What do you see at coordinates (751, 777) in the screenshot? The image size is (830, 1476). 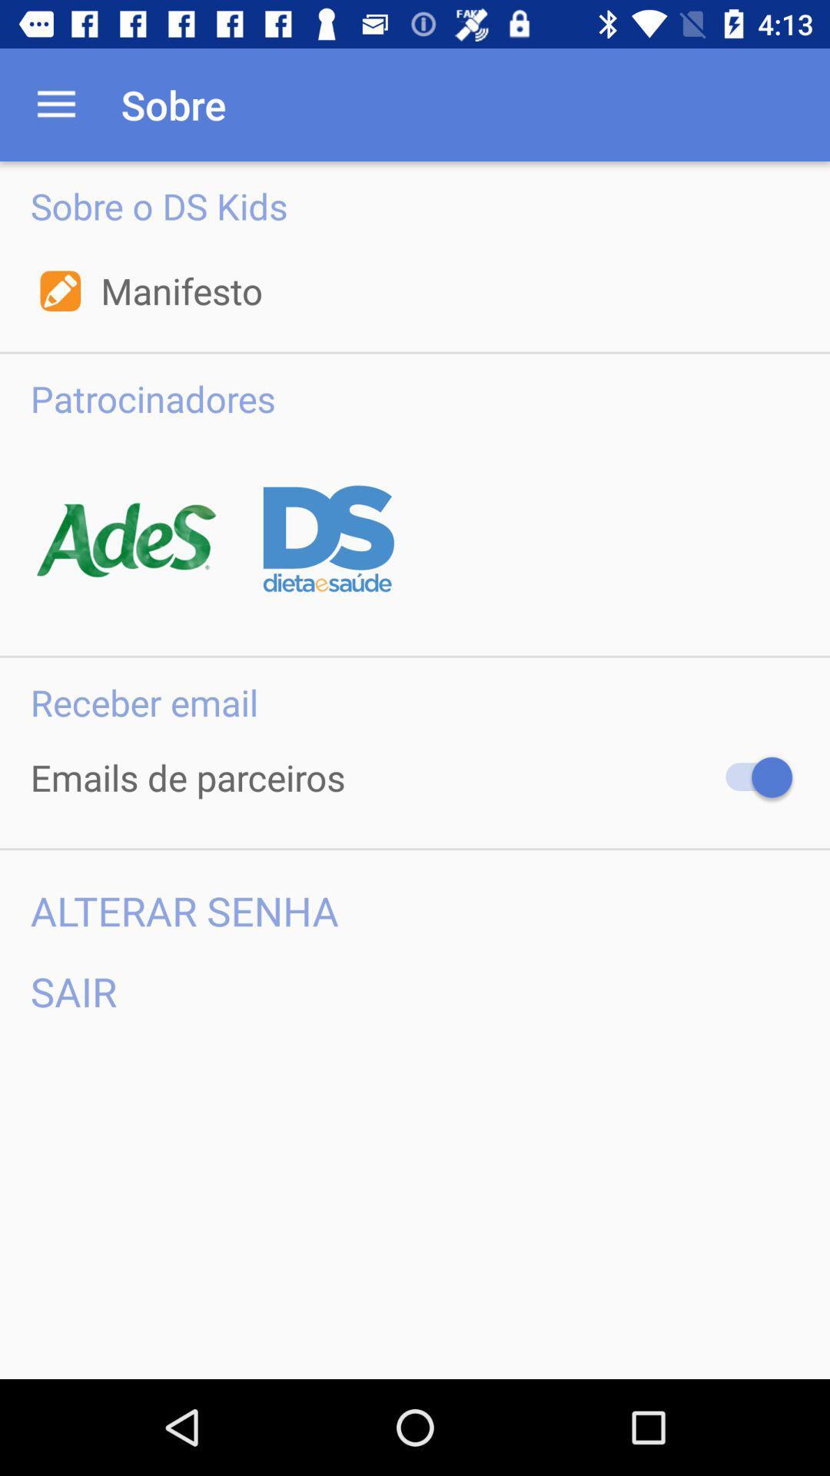 I see `receber emails de parceiros` at bounding box center [751, 777].